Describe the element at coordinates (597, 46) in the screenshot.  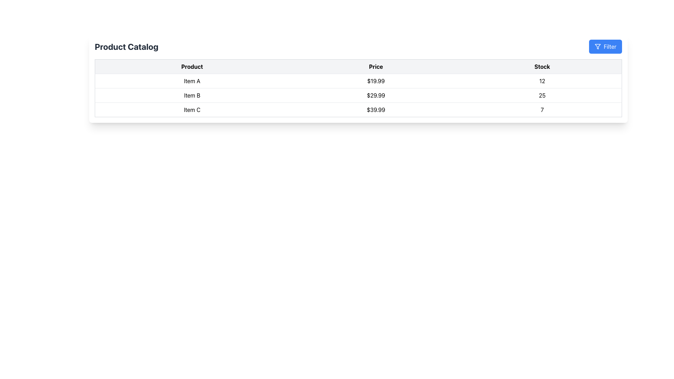
I see `the funnel icon inside the 'Filter' button, which has a blue background and rounded corners, located near the top-right corner of the interface` at that location.